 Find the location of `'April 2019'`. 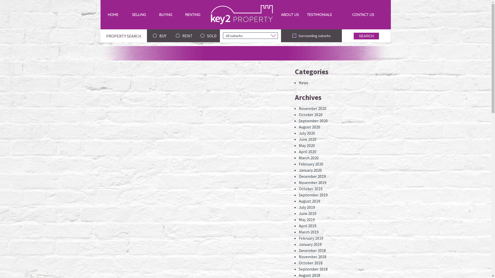

'April 2019' is located at coordinates (299, 225).